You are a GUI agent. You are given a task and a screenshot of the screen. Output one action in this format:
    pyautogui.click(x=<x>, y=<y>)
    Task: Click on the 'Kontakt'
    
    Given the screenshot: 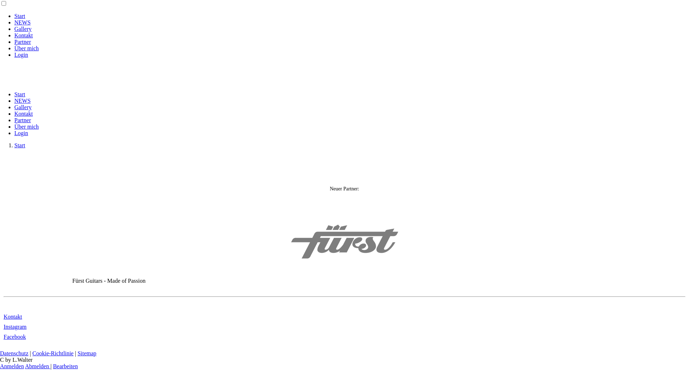 What is the action you would take?
    pyautogui.click(x=24, y=113)
    